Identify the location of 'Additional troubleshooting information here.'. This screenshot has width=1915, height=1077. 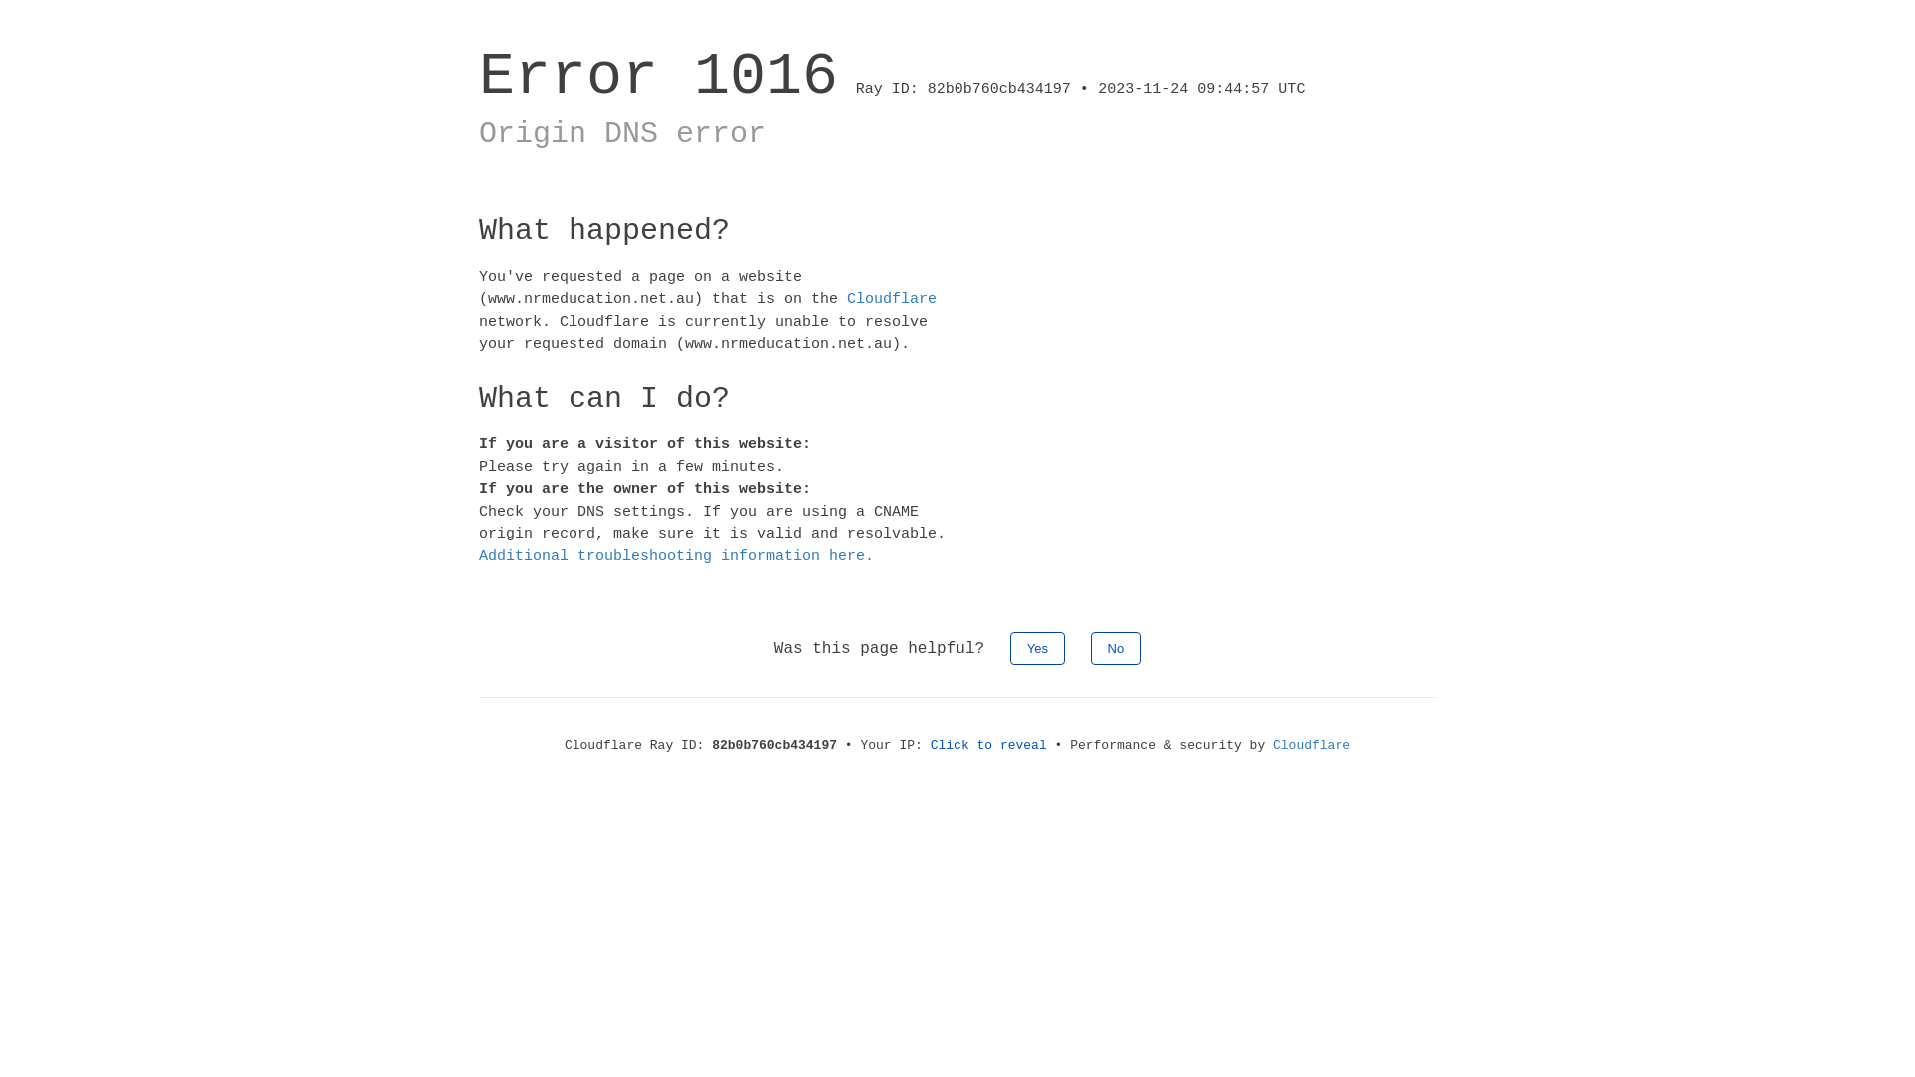
(675, 556).